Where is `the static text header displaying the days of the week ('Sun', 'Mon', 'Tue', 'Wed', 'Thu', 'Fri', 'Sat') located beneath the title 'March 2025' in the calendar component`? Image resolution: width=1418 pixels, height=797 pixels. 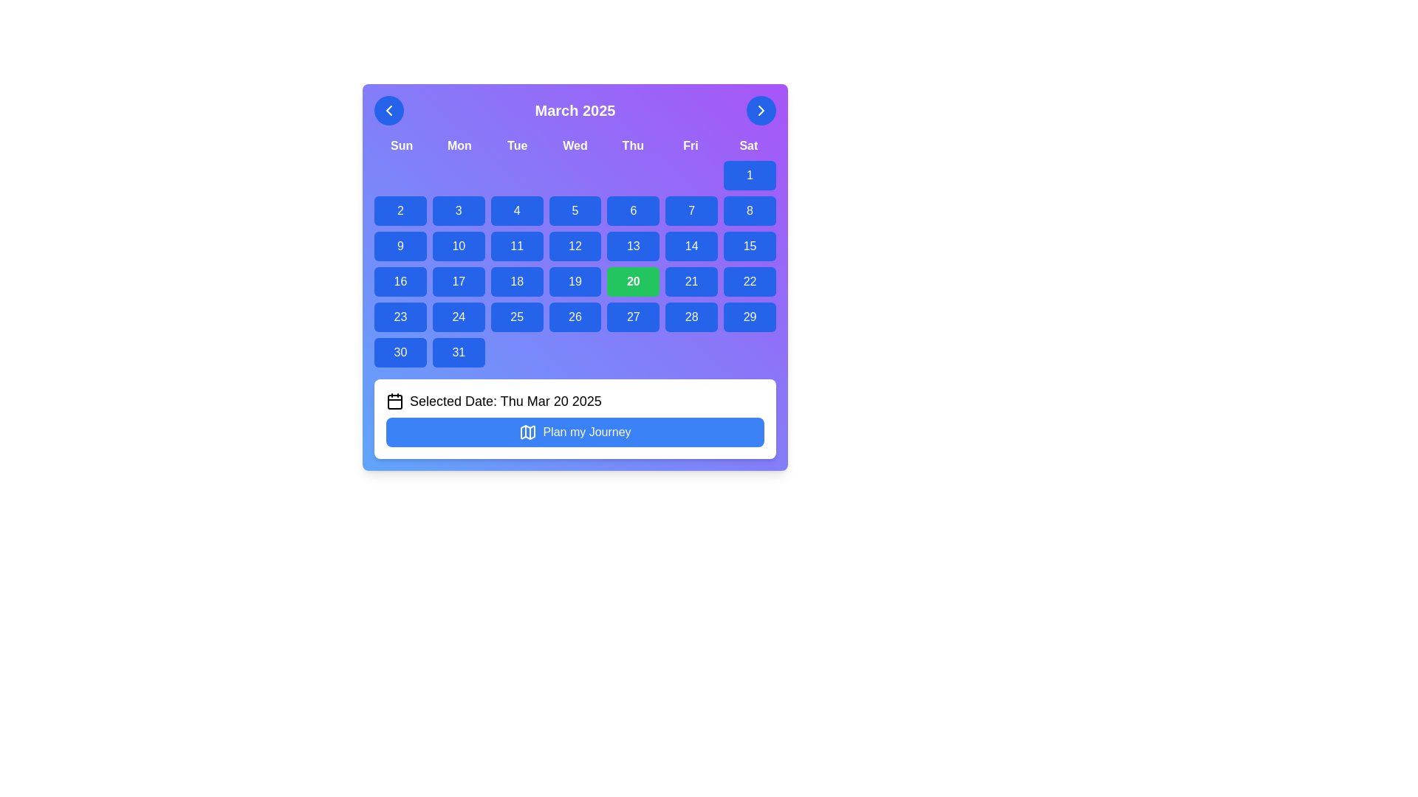
the static text header displaying the days of the week ('Sun', 'Mon', 'Tue', 'Wed', 'Thu', 'Fri', 'Sat') located beneath the title 'March 2025' in the calendar component is located at coordinates (574, 145).